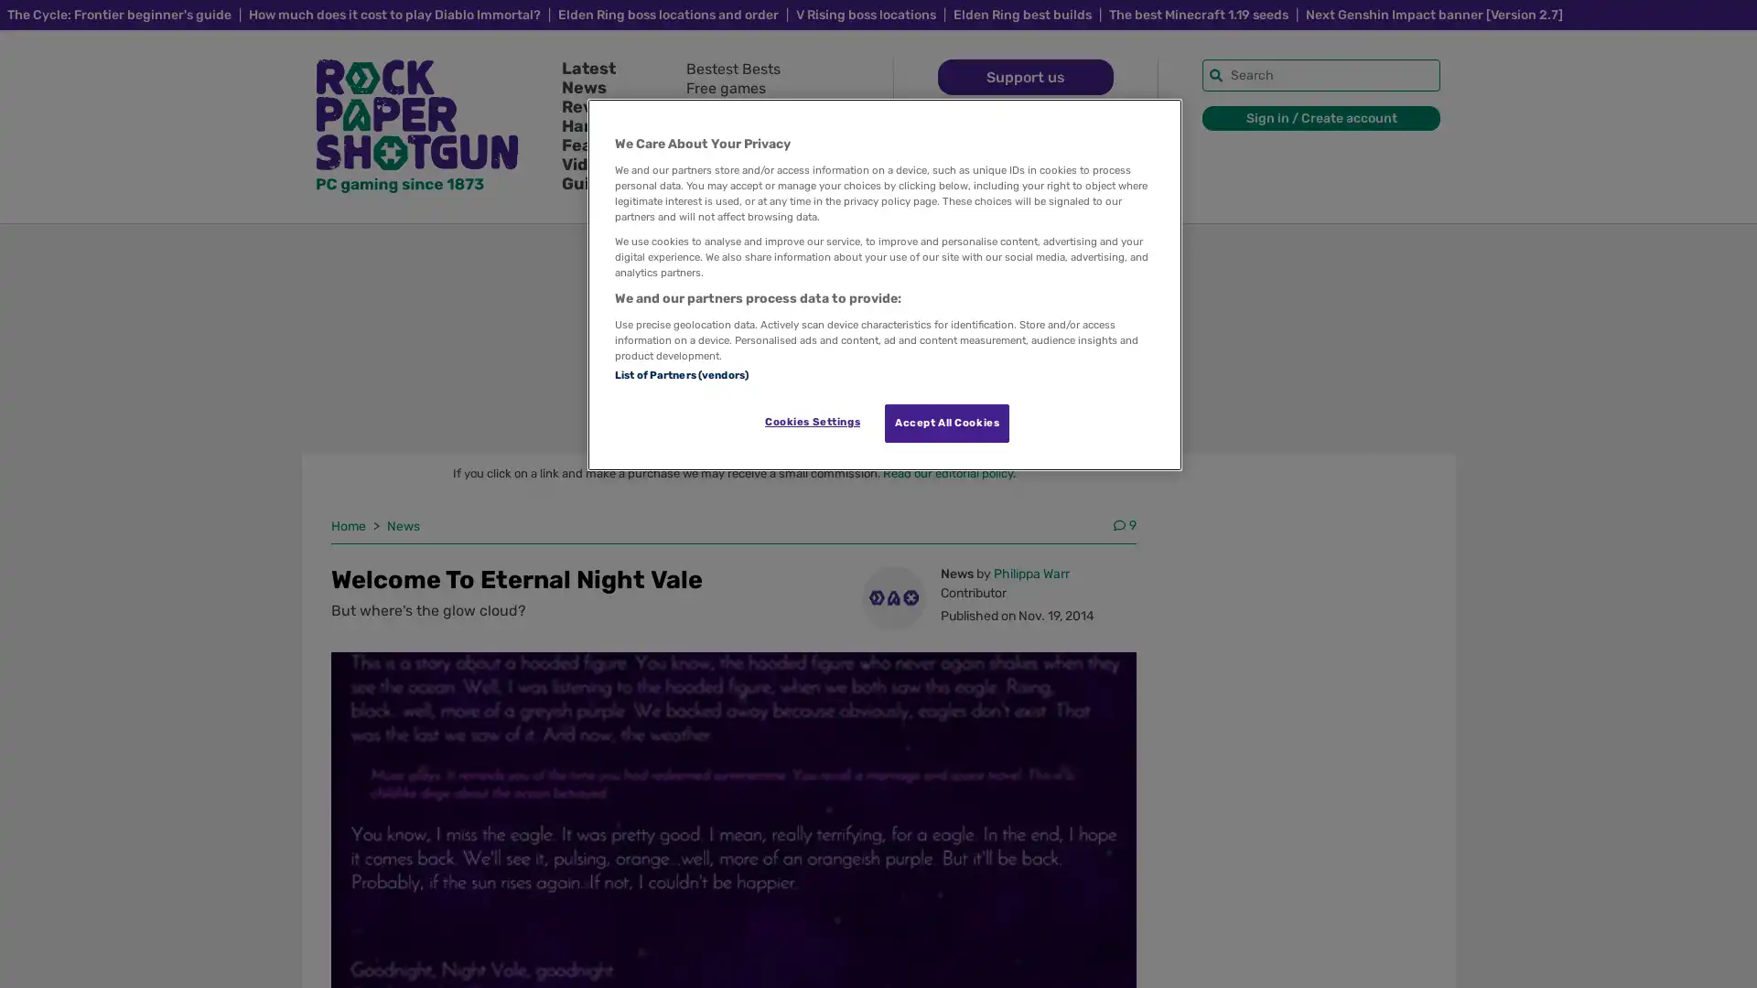  Describe the element at coordinates (811, 422) in the screenshot. I see `Cookies Settings` at that location.